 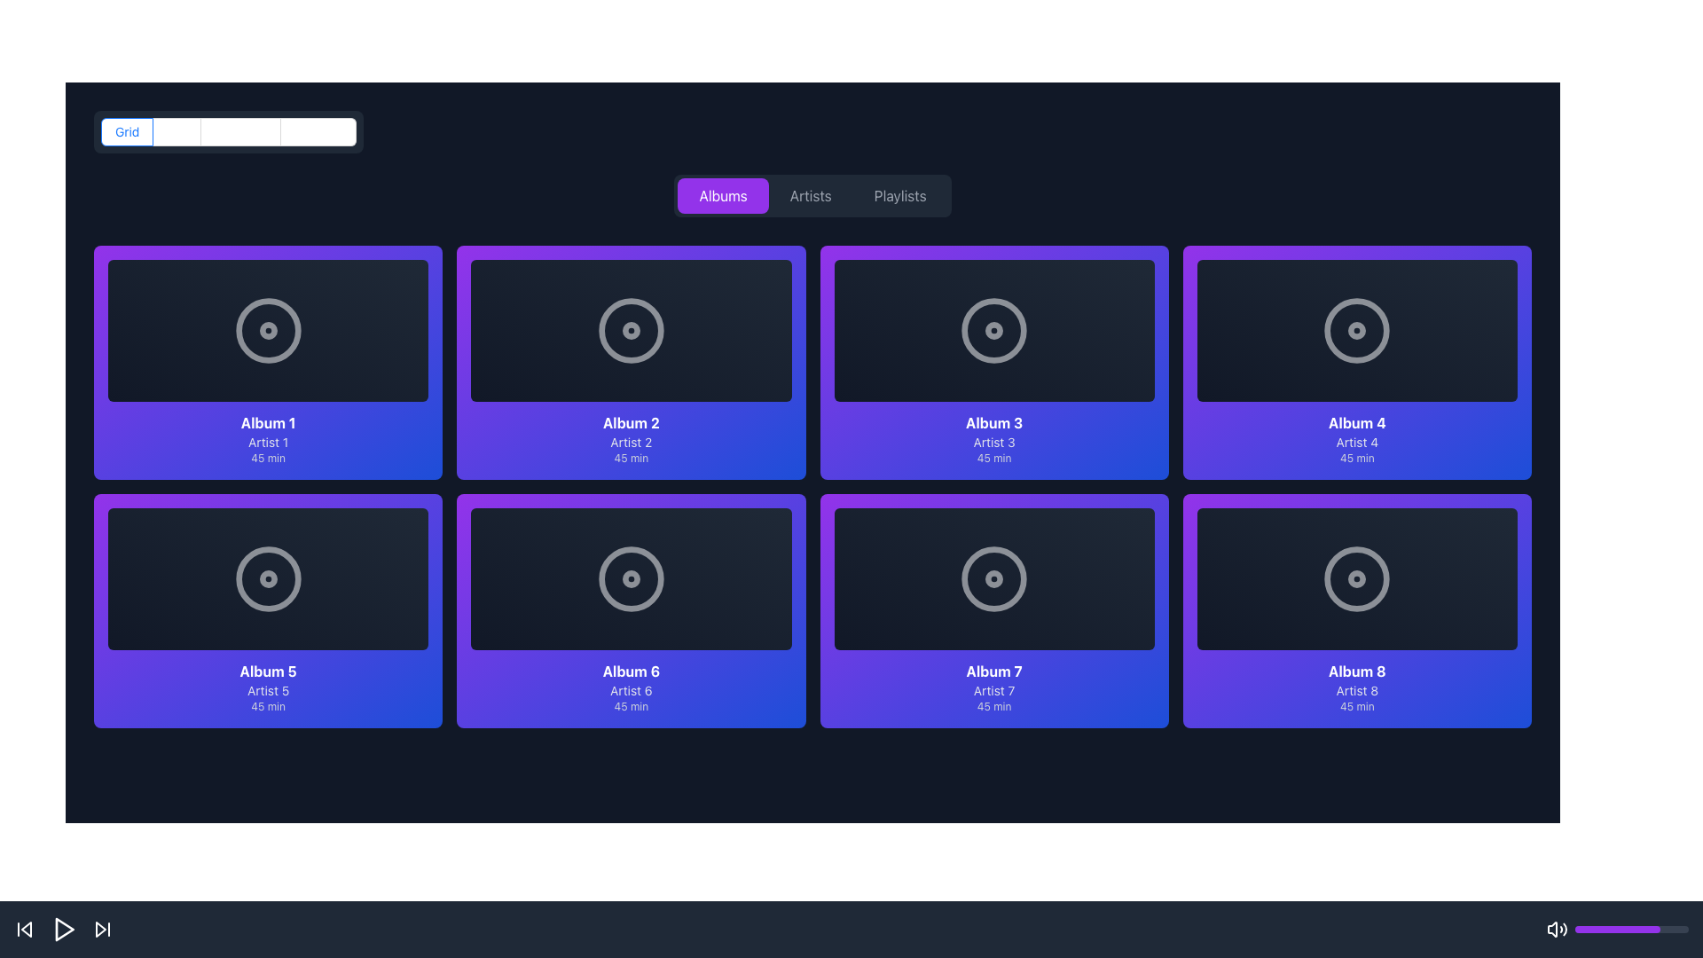 I want to click on the slider value, so click(x=1627, y=929).